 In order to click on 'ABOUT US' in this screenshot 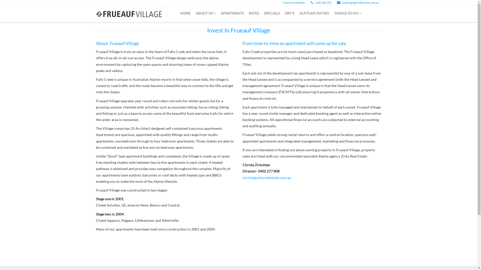, I will do `click(205, 13)`.